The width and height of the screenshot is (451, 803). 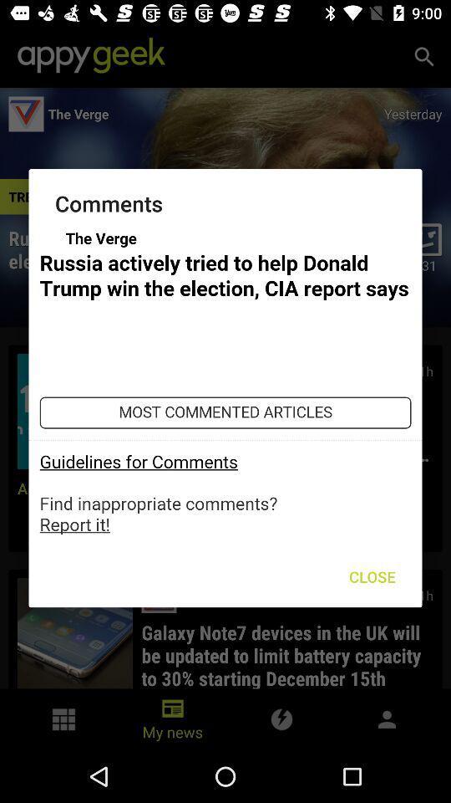 I want to click on option, so click(x=225, y=381).